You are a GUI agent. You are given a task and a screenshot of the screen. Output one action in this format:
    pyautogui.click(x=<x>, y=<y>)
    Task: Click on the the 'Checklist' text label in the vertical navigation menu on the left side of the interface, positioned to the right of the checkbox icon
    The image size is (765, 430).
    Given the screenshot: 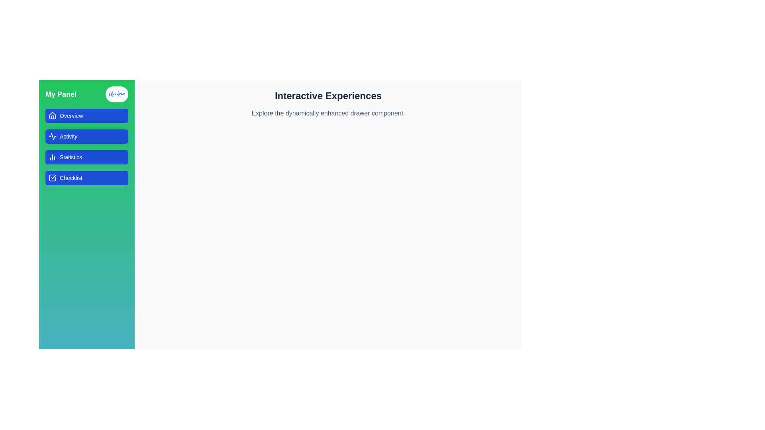 What is the action you would take?
    pyautogui.click(x=71, y=178)
    